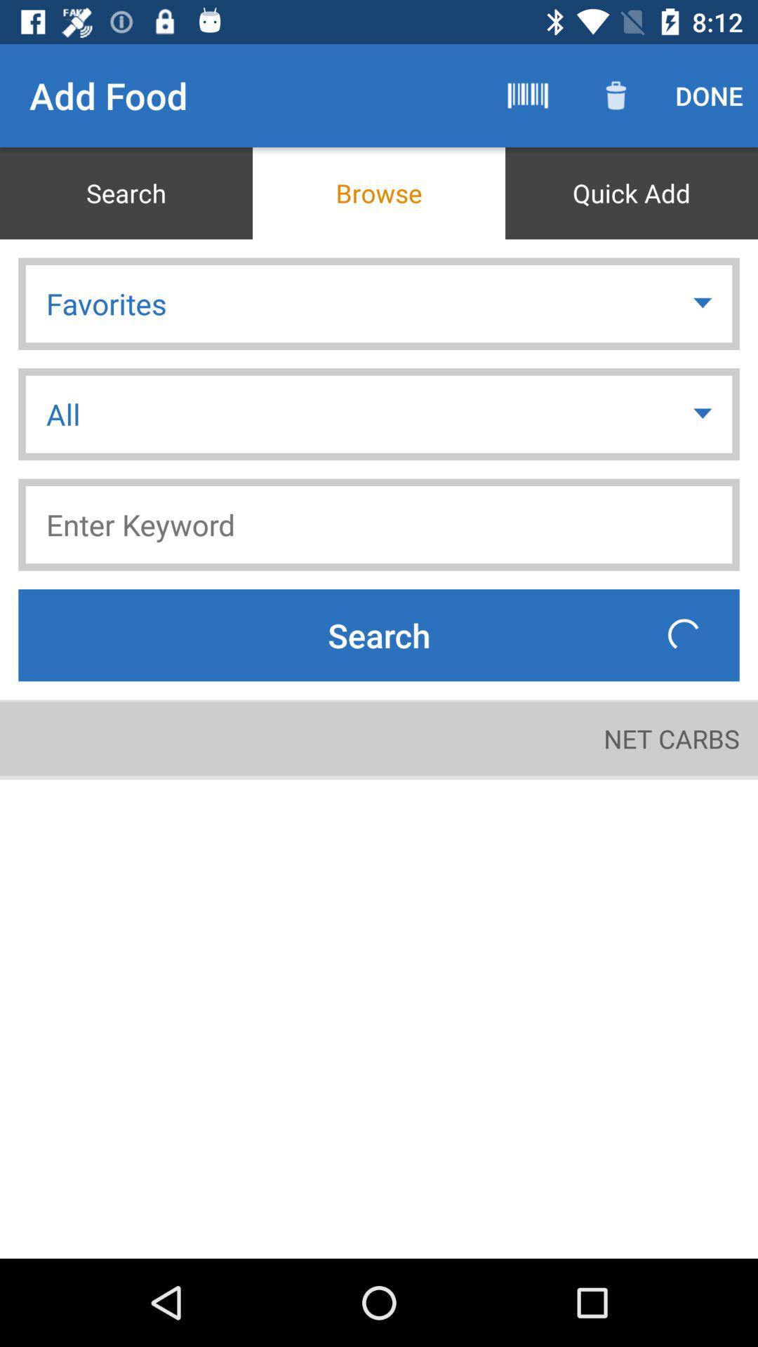  I want to click on the item below search item, so click(670, 737).